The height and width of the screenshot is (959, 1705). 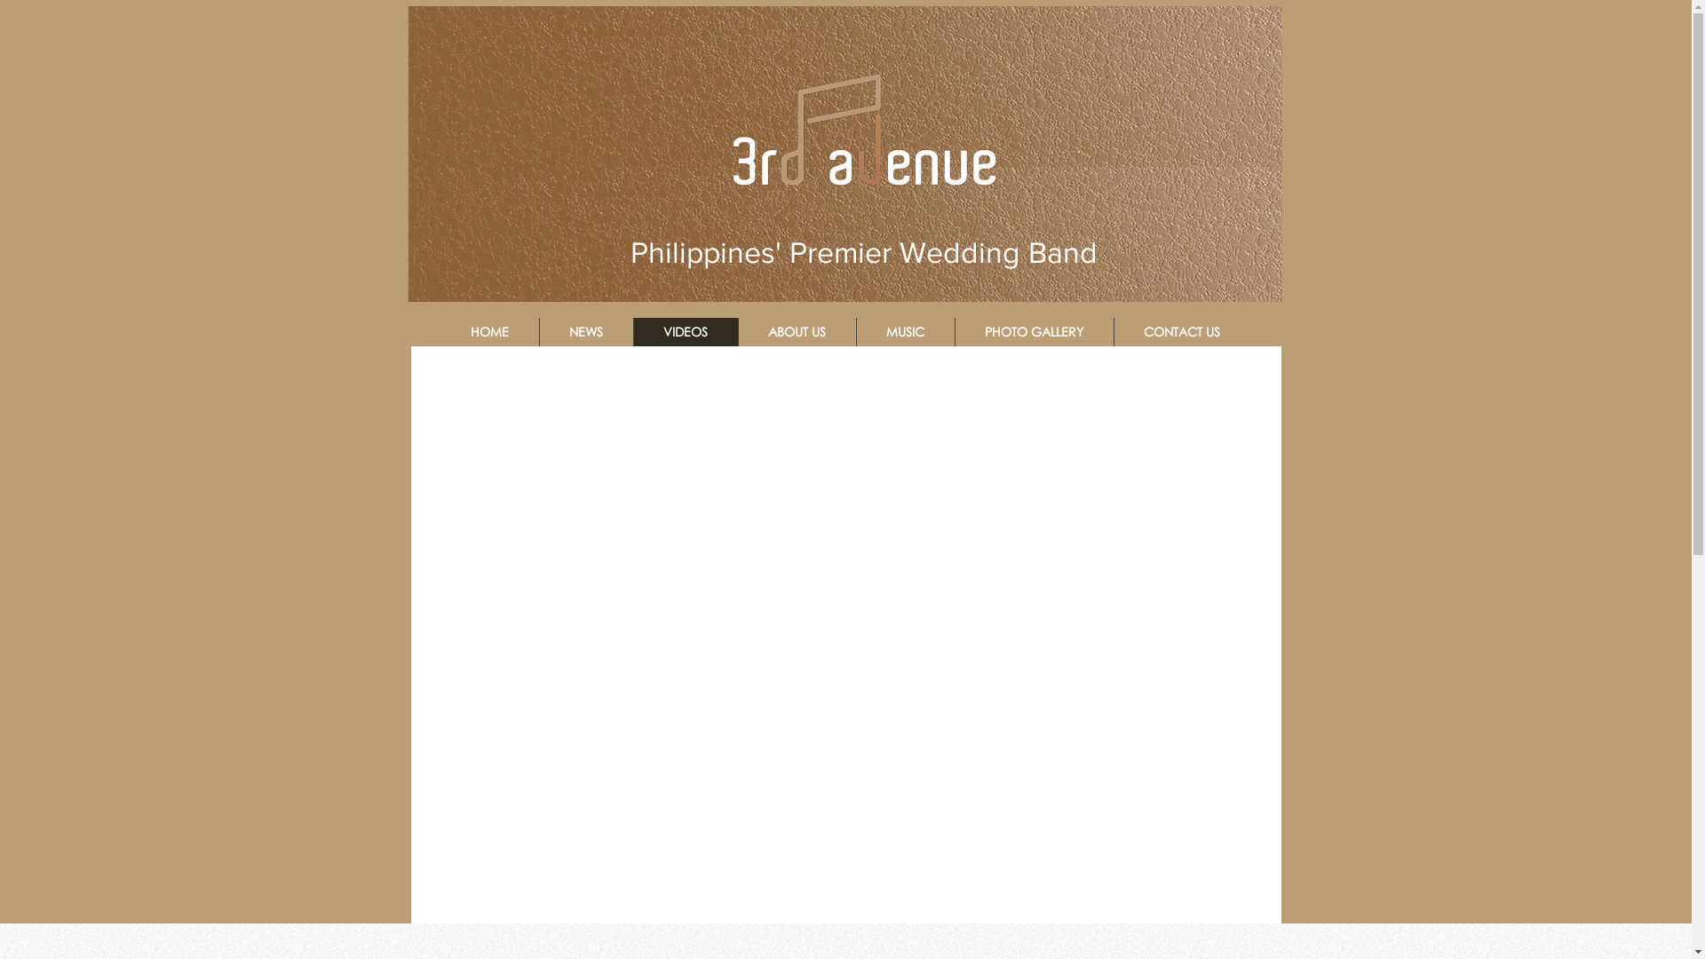 What do you see at coordinates (536, 332) in the screenshot?
I see `'NEWS'` at bounding box center [536, 332].